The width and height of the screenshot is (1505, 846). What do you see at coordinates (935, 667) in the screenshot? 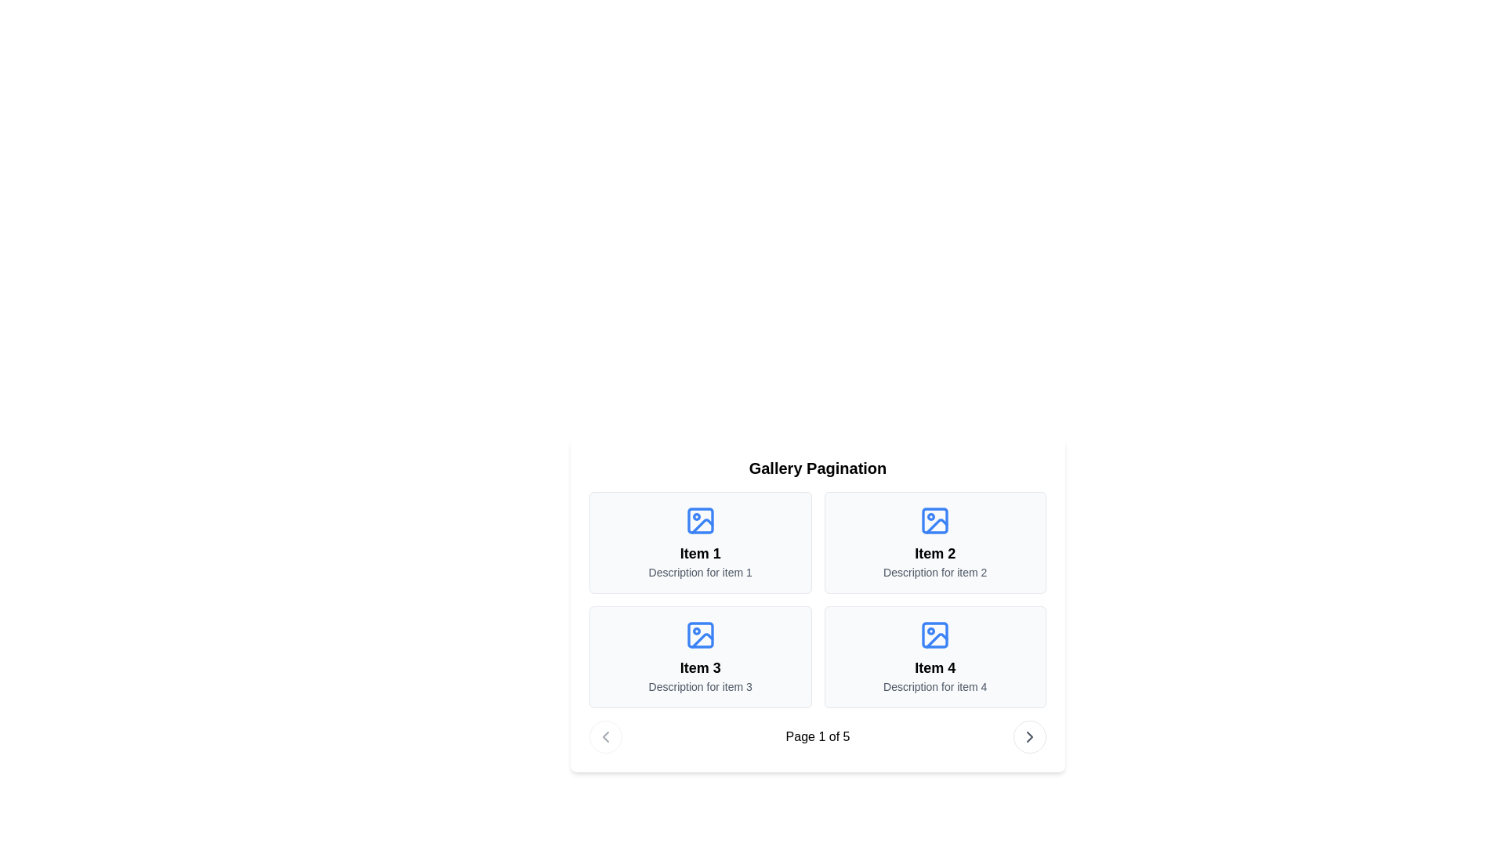
I see `the bold, centered static text labeled 'Item 4' located in the fourth card of the grid, in the bottom-right corner` at bounding box center [935, 667].